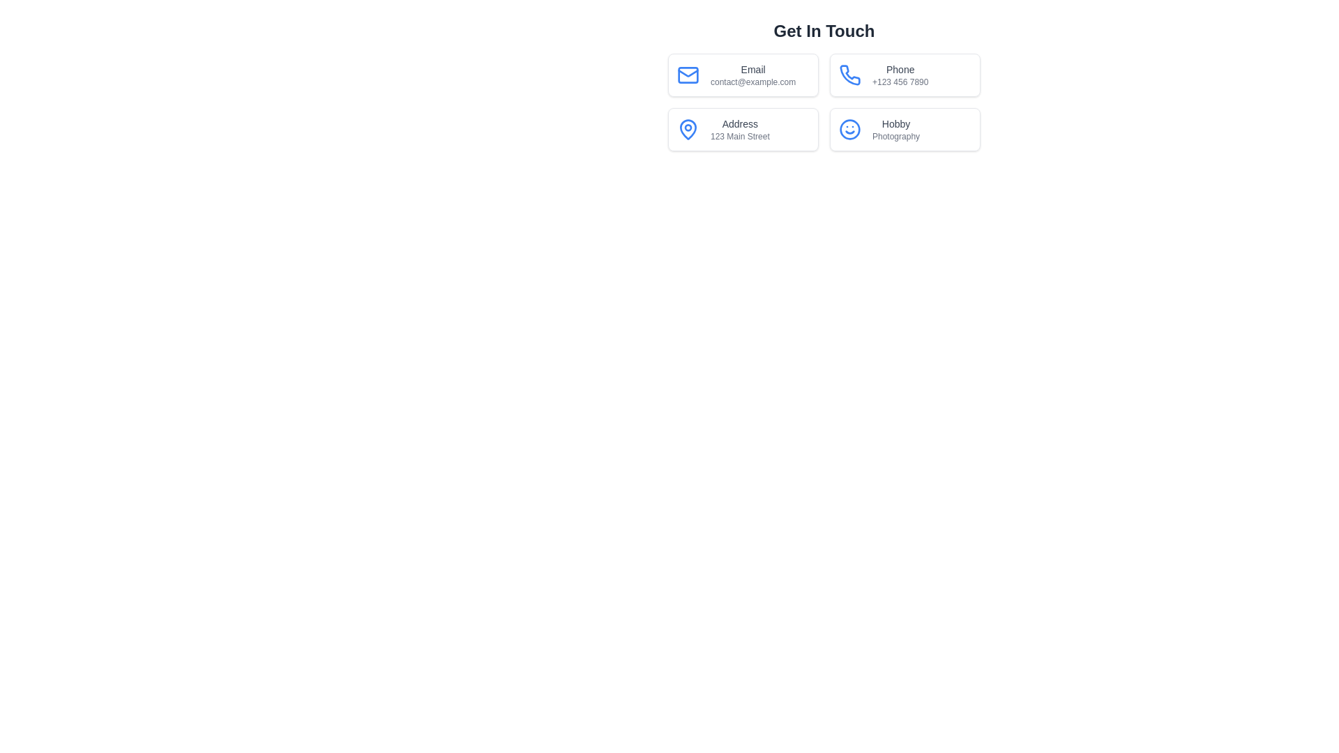  What do you see at coordinates (752, 75) in the screenshot?
I see `the static text display labeled 'Email' which shows the email address 'contact@example.com' in a bordered rectangular section for contact information` at bounding box center [752, 75].